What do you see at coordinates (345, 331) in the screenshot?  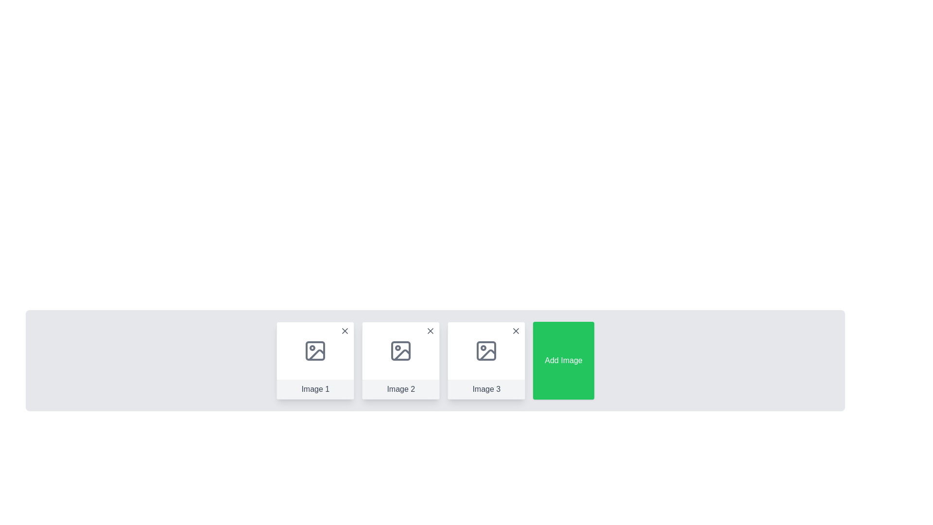 I see `the dismiss button represented by an 'X' icon located at the top-right corner of the card labeled 'Image 1'` at bounding box center [345, 331].